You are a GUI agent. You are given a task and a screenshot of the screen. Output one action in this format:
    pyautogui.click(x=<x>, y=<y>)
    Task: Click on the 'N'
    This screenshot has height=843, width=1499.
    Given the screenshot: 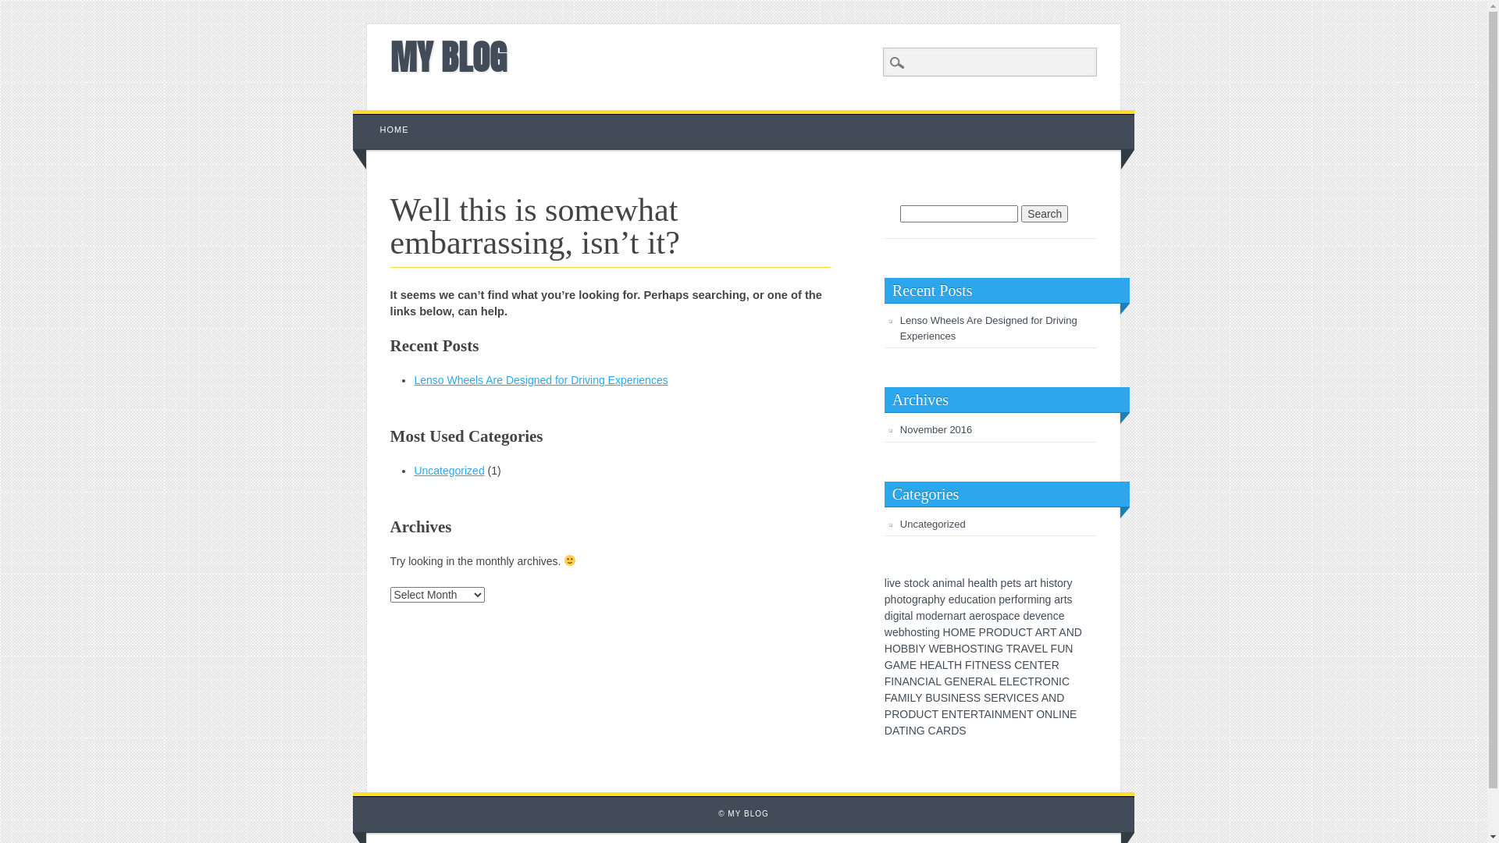 What is the action you would take?
    pyautogui.click(x=1023, y=713)
    